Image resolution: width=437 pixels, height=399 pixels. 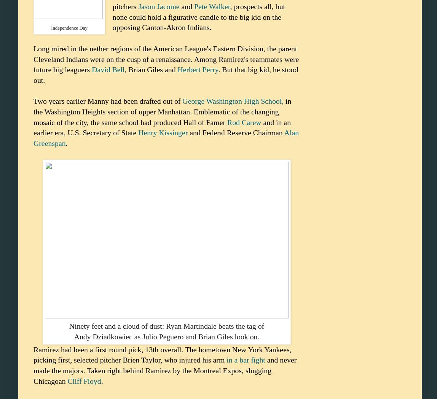 What do you see at coordinates (198, 70) in the screenshot?
I see `'Herbert Perry'` at bounding box center [198, 70].